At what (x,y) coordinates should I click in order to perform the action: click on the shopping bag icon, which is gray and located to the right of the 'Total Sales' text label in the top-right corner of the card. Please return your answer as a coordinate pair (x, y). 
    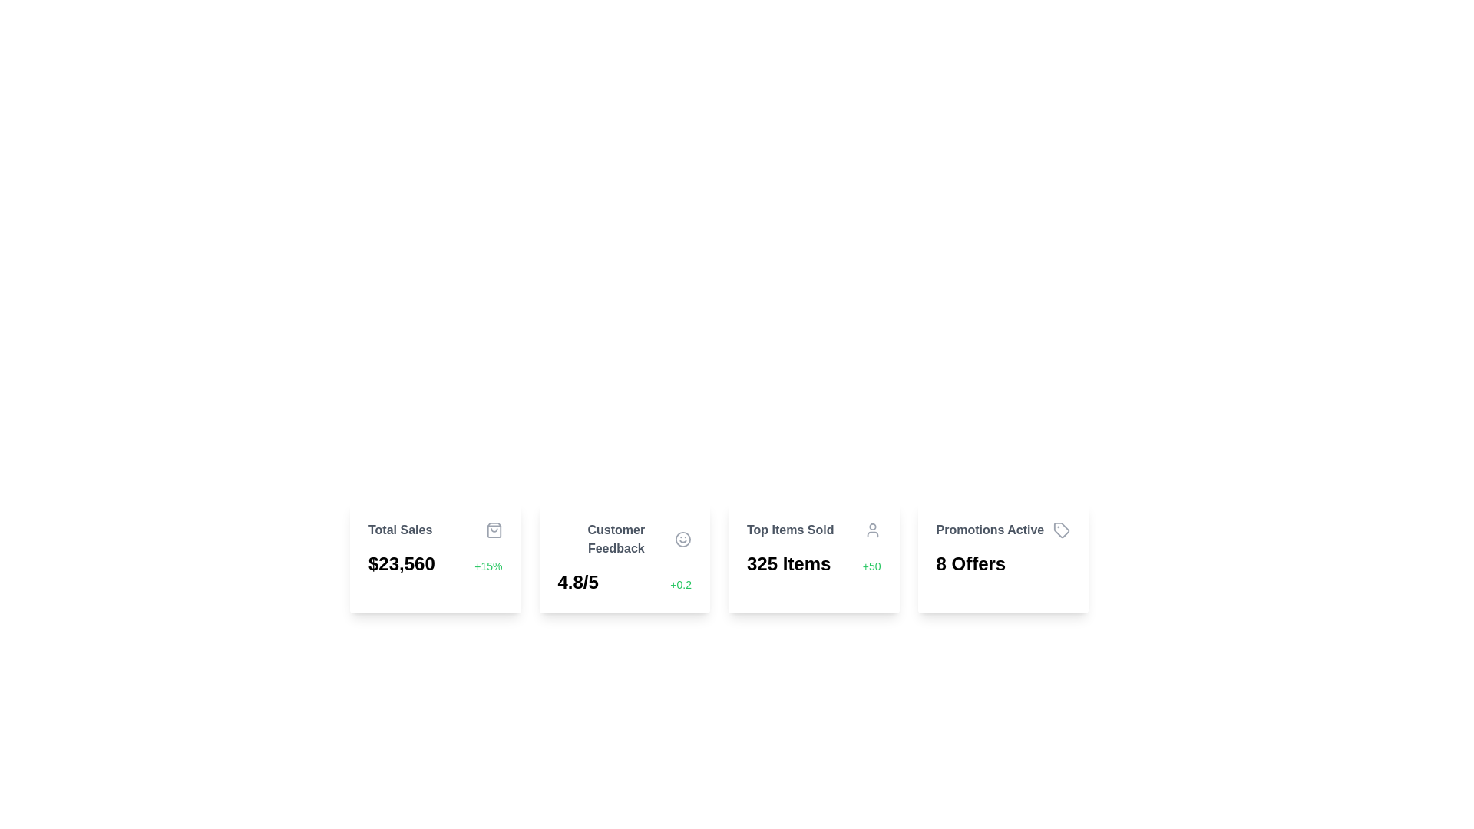
    Looking at the image, I should click on (494, 529).